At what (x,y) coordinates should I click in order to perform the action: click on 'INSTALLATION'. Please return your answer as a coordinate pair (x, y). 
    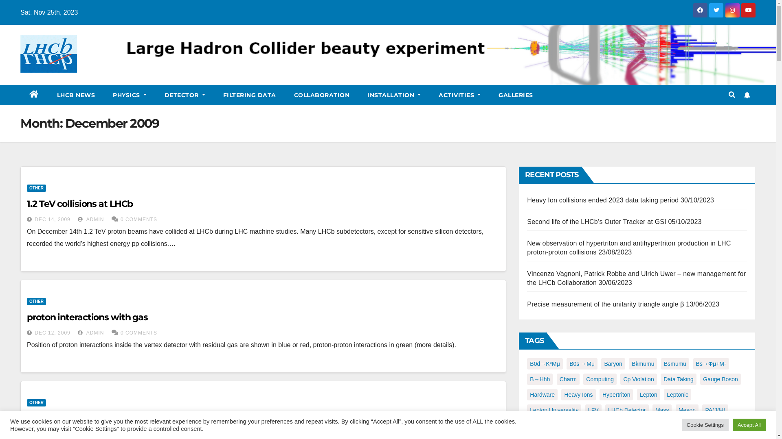
    Looking at the image, I should click on (358, 95).